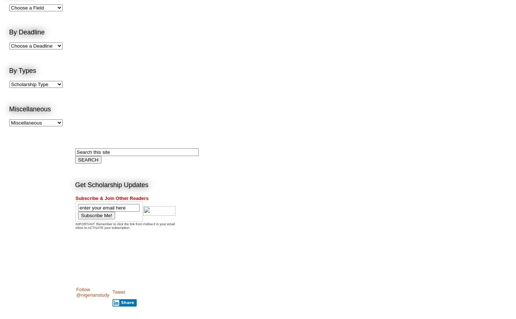  What do you see at coordinates (112, 292) in the screenshot?
I see `'Tweet'` at bounding box center [112, 292].